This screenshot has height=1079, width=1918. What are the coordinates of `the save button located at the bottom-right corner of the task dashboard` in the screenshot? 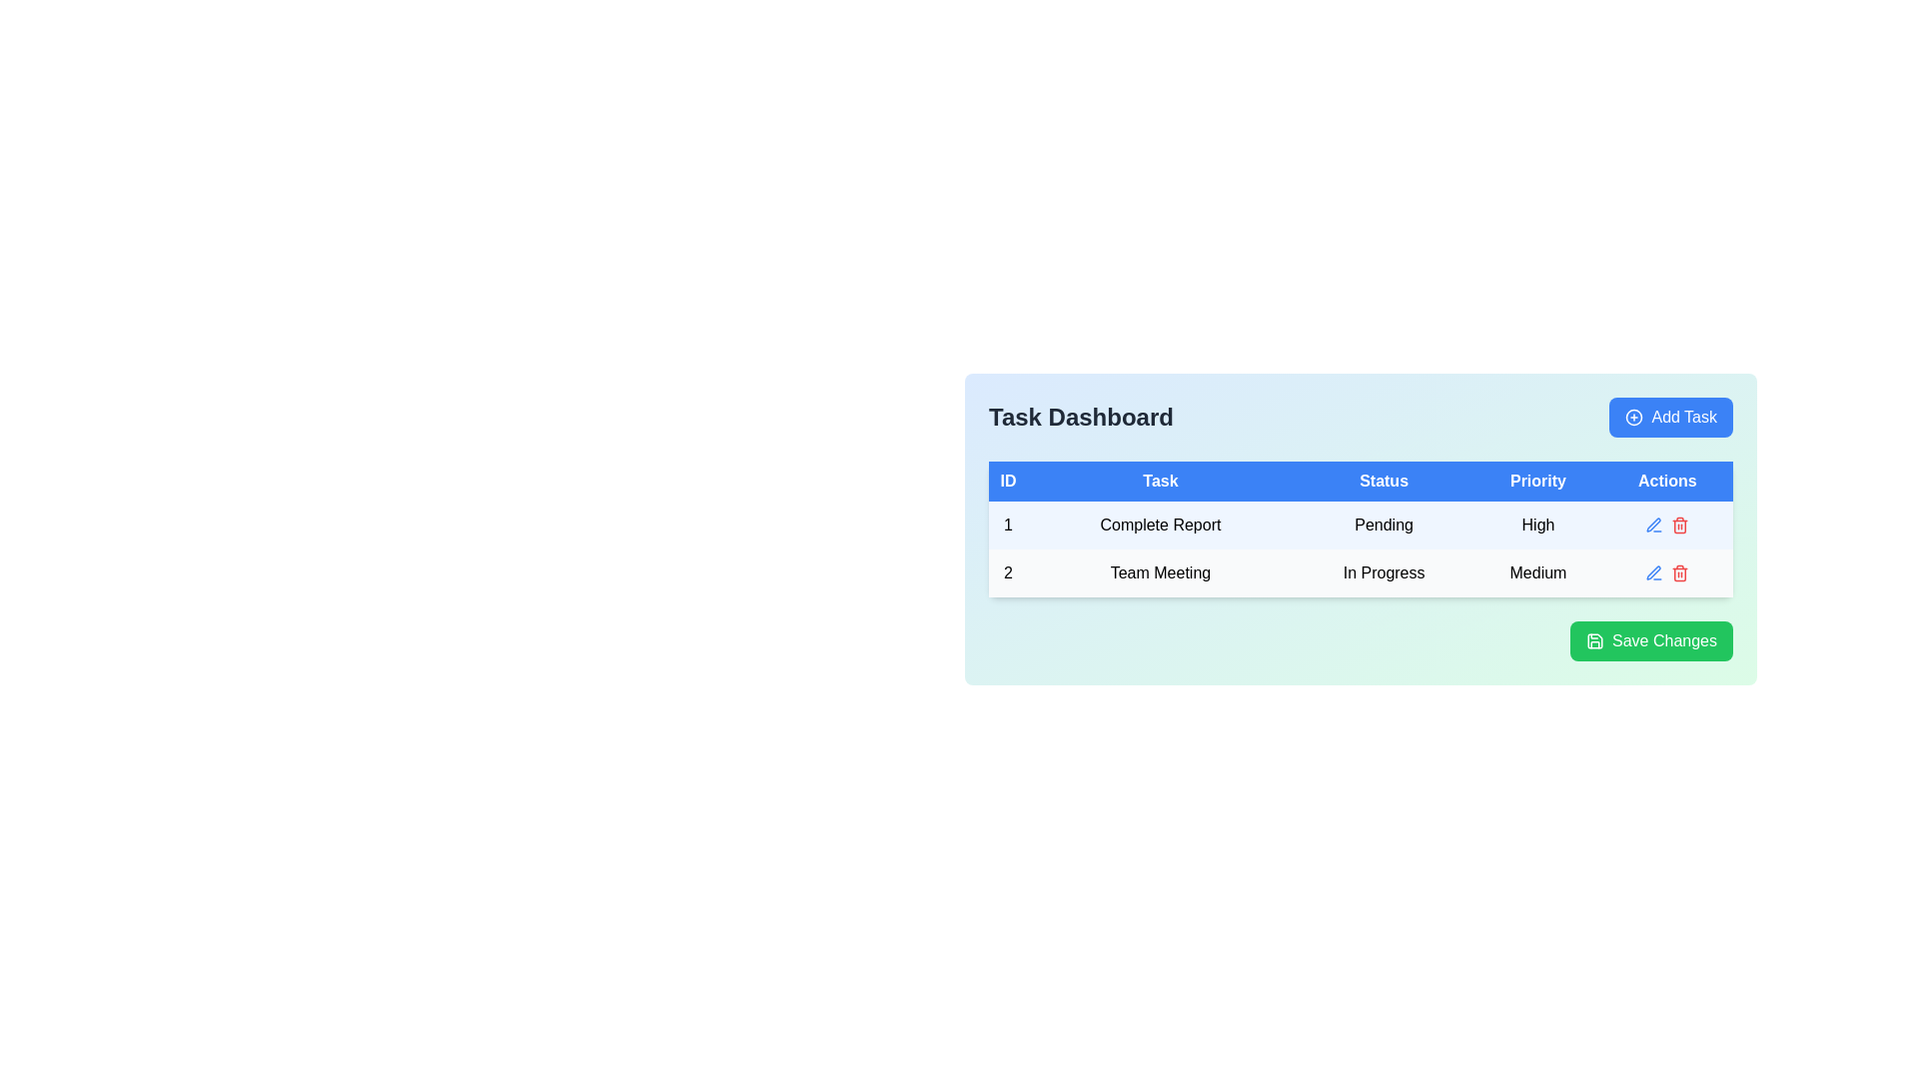 It's located at (1651, 640).